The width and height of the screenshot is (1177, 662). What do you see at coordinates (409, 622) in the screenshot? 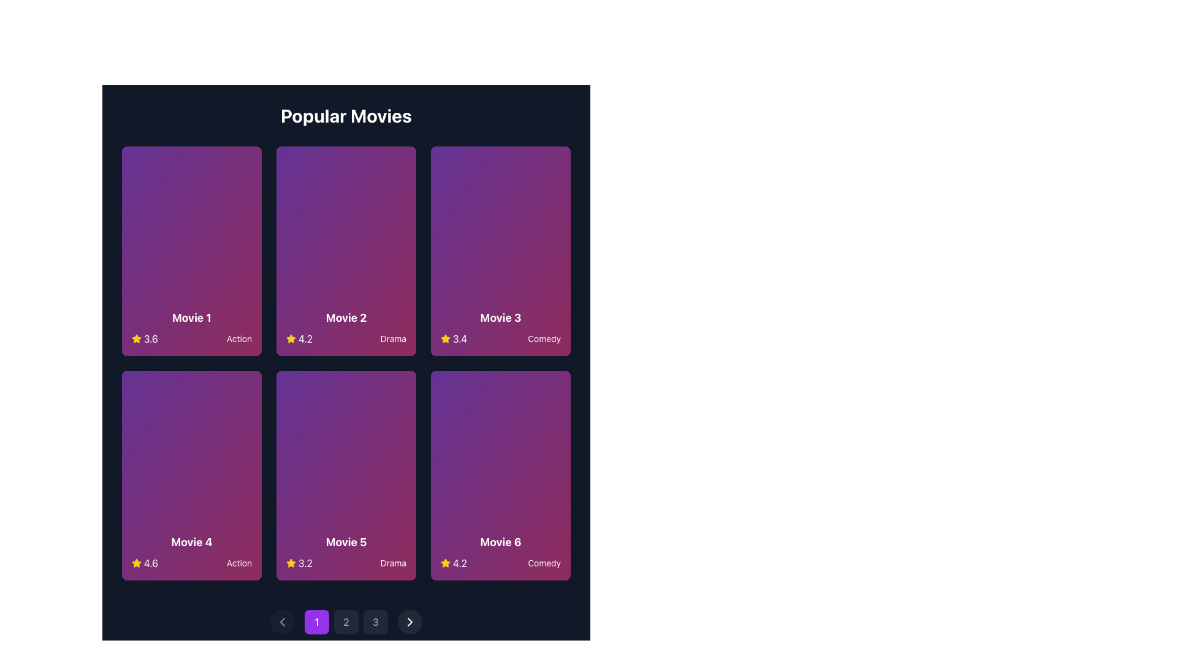
I see `the 'next' button icon located in the bottom right circular button of the pagination control group` at bounding box center [409, 622].